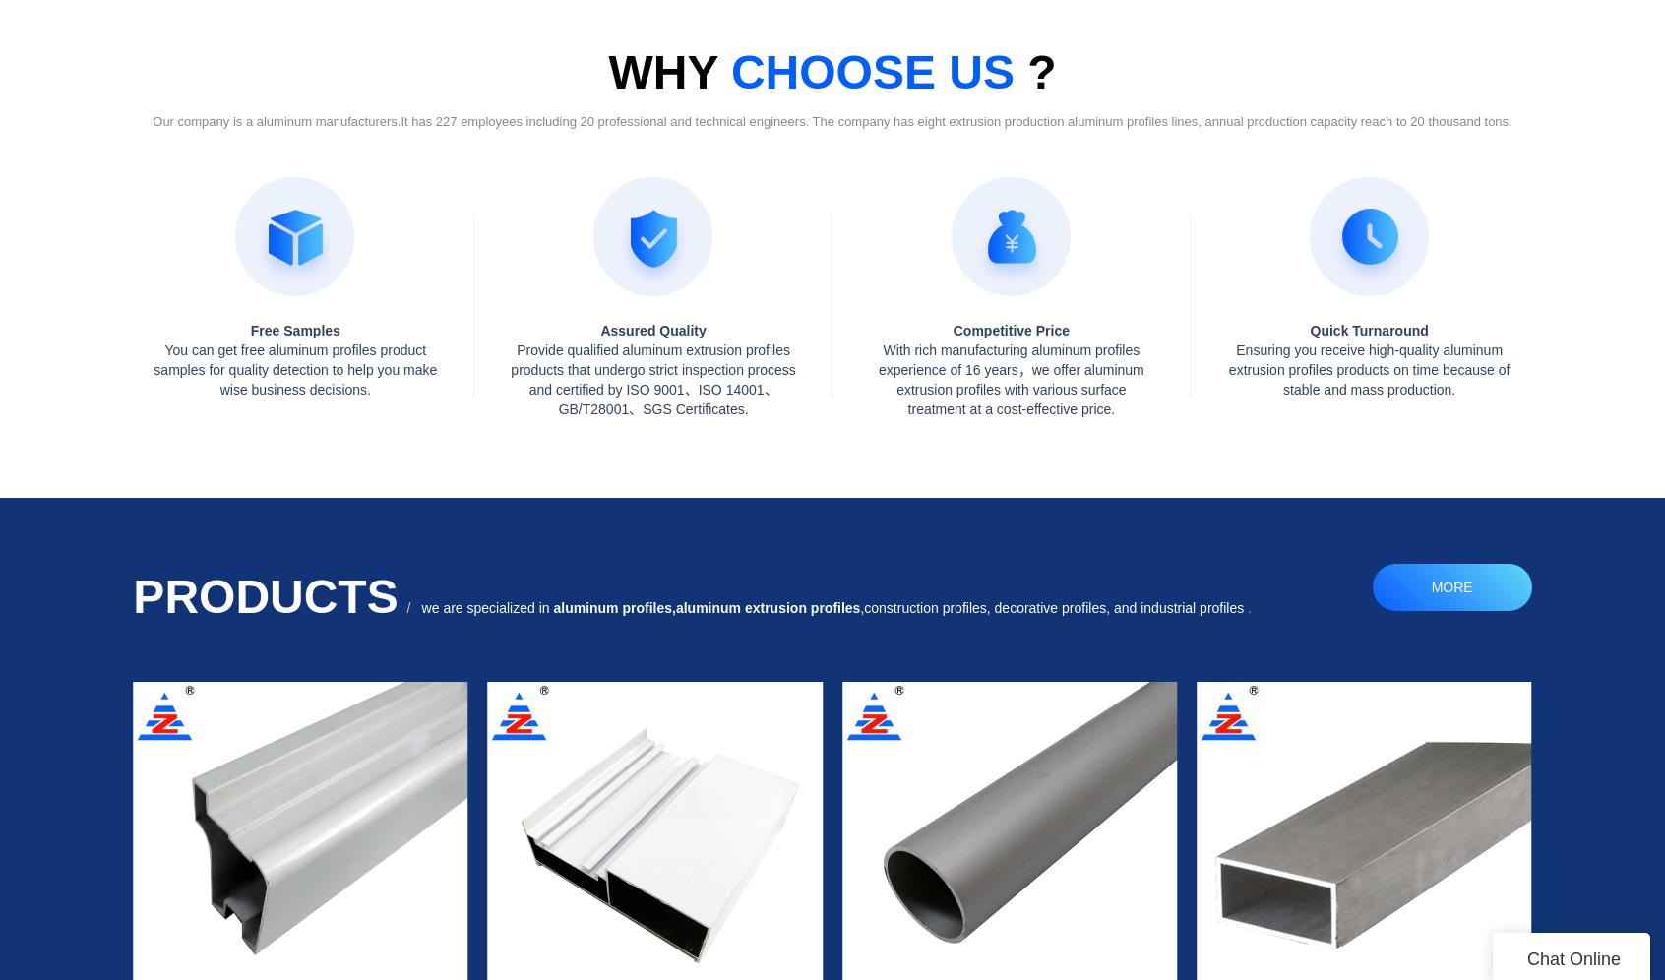 This screenshot has height=980, width=1665. I want to click on '?', so click(1012, 71).